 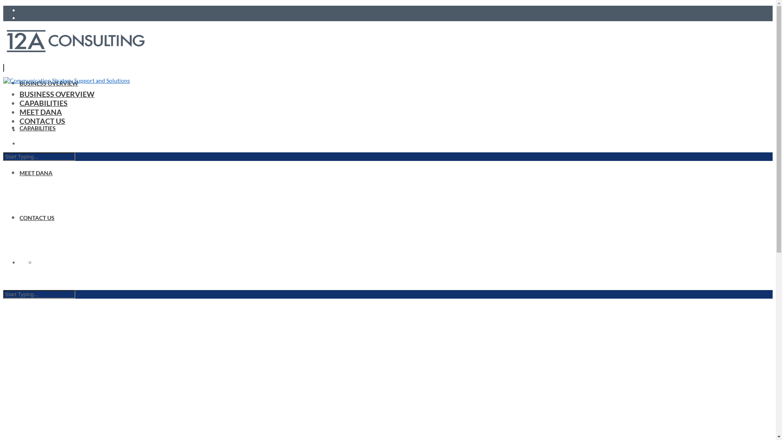 What do you see at coordinates (35, 172) in the screenshot?
I see `'MEET DANA'` at bounding box center [35, 172].